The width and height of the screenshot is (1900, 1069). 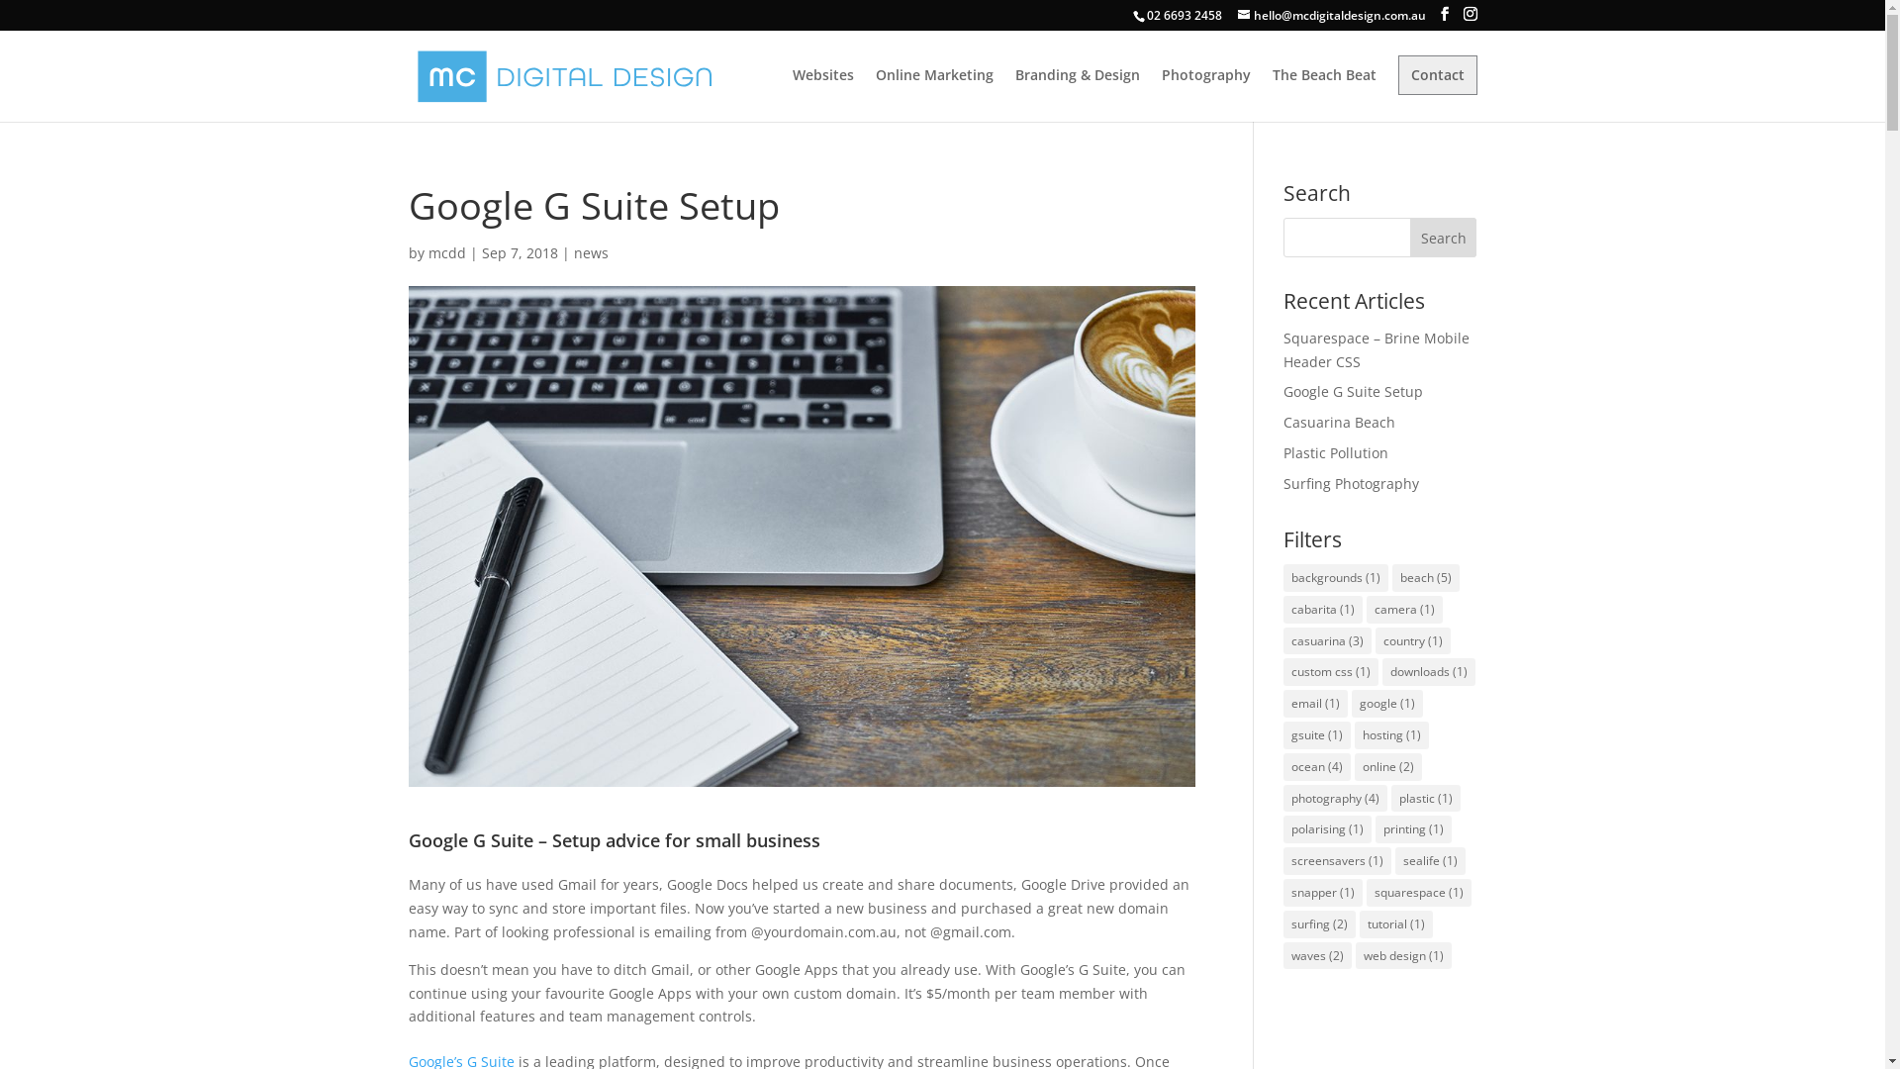 I want to click on 'web design (1)', so click(x=1402, y=954).